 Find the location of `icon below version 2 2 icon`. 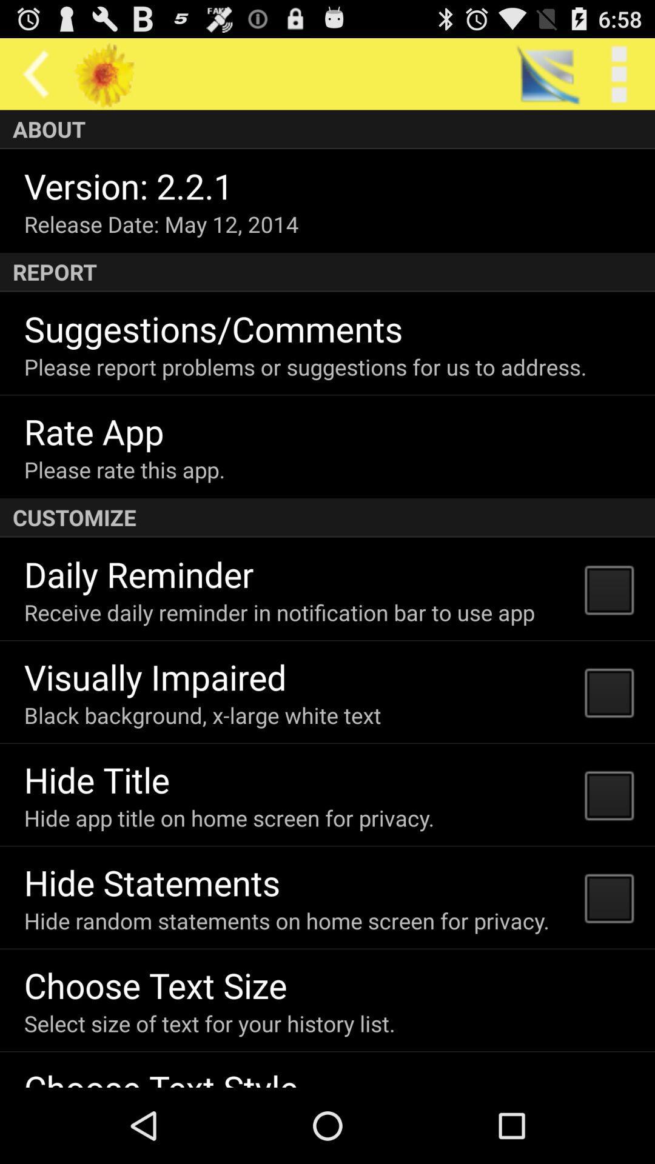

icon below version 2 2 icon is located at coordinates (161, 224).